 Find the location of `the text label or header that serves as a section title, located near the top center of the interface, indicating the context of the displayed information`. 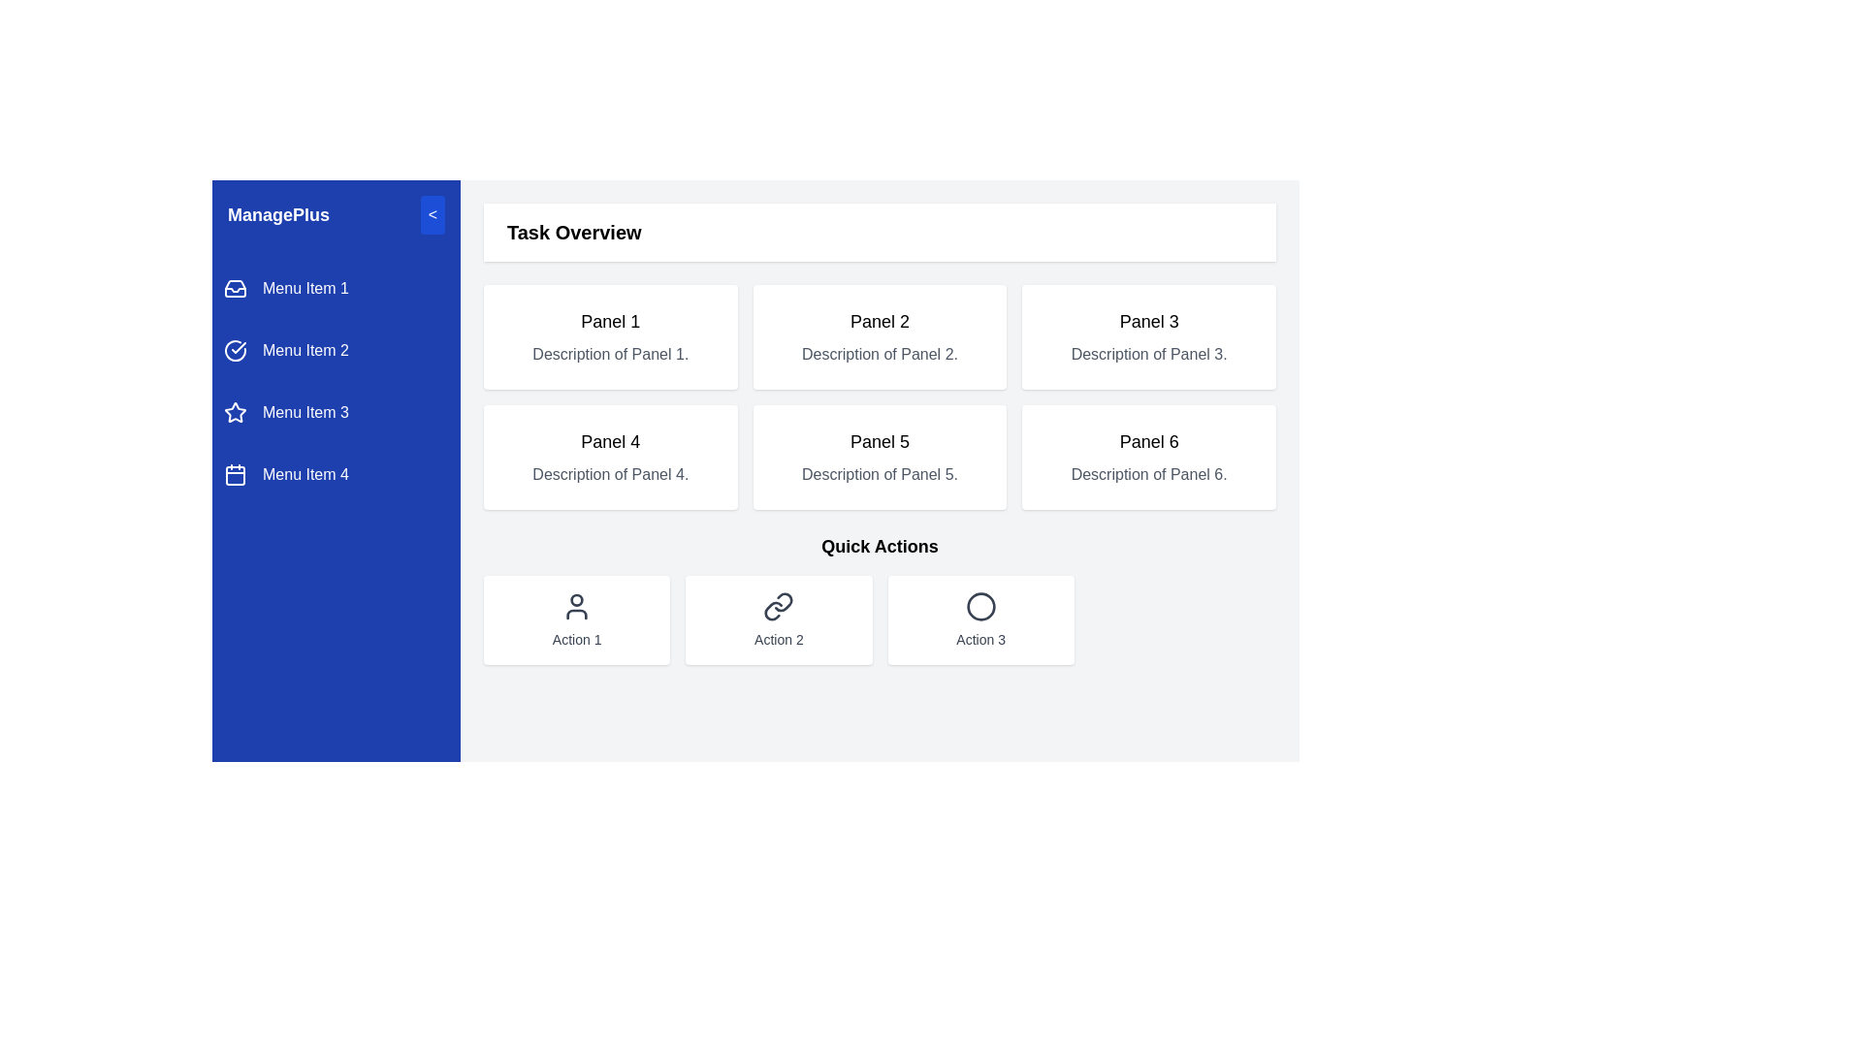

the text label or header that serves as a section title, located near the top center of the interface, indicating the context of the displayed information is located at coordinates (573, 231).